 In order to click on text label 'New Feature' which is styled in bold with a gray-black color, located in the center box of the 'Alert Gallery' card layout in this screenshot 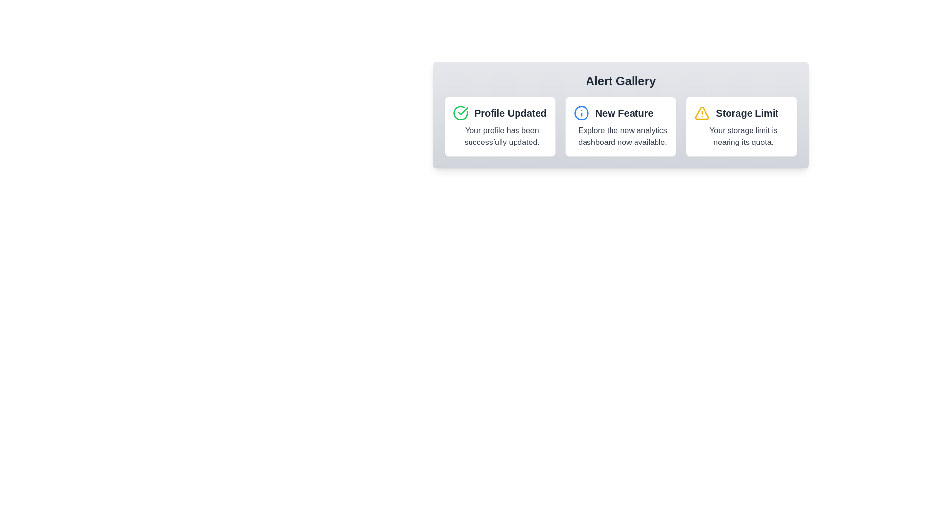, I will do `click(624, 113)`.